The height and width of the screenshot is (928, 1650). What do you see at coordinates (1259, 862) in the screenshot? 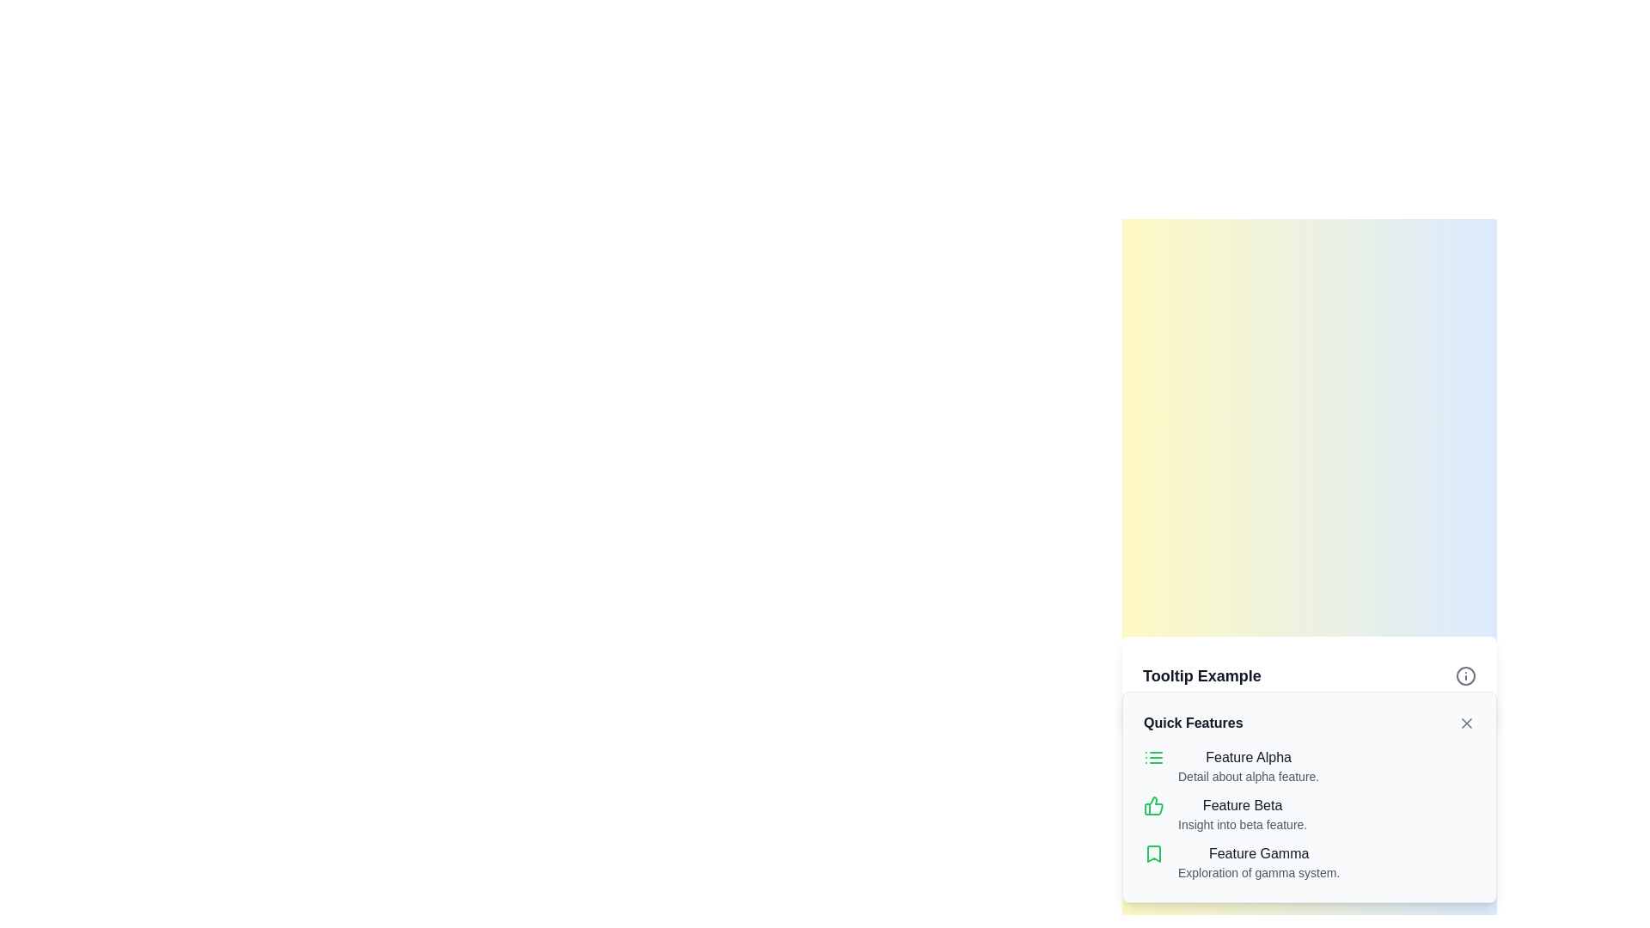
I see `the textual informational display element that provides details about 'Feature Gamma', located in the 'Quick Features' list, positioned below 'Feature Beta' and above a blank section, with a green bookmark icon to its left` at bounding box center [1259, 862].